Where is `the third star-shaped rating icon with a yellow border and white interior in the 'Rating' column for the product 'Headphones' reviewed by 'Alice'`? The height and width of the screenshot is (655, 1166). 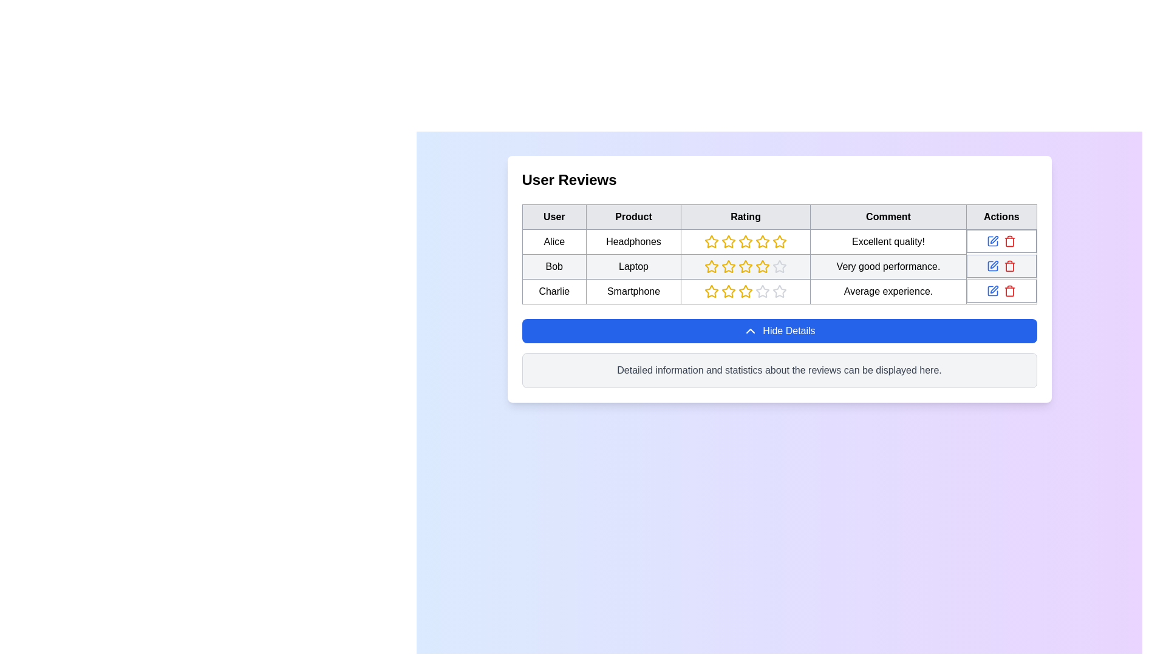 the third star-shaped rating icon with a yellow border and white interior in the 'Rating' column for the product 'Headphones' reviewed by 'Alice' is located at coordinates (729, 241).